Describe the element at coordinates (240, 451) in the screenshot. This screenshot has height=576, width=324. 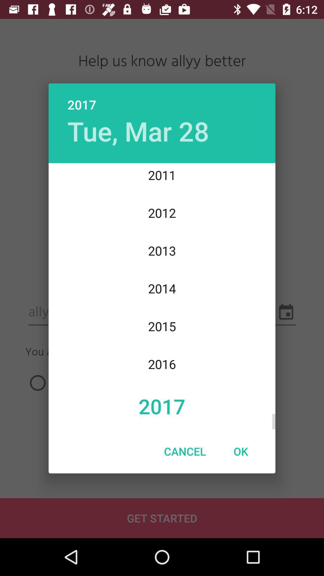
I see `icon below 2017 icon` at that location.